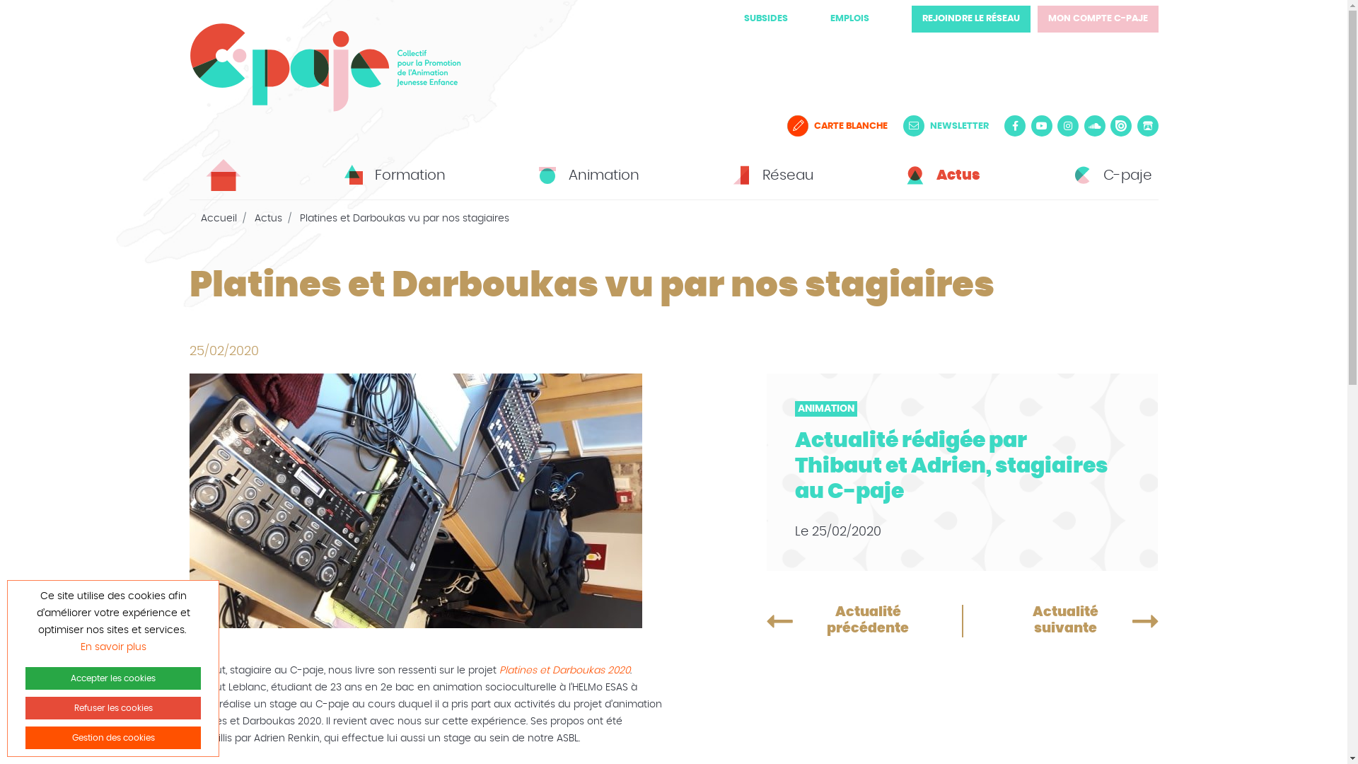 This screenshot has height=764, width=1358. What do you see at coordinates (1109, 174) in the screenshot?
I see `'C-paje'` at bounding box center [1109, 174].